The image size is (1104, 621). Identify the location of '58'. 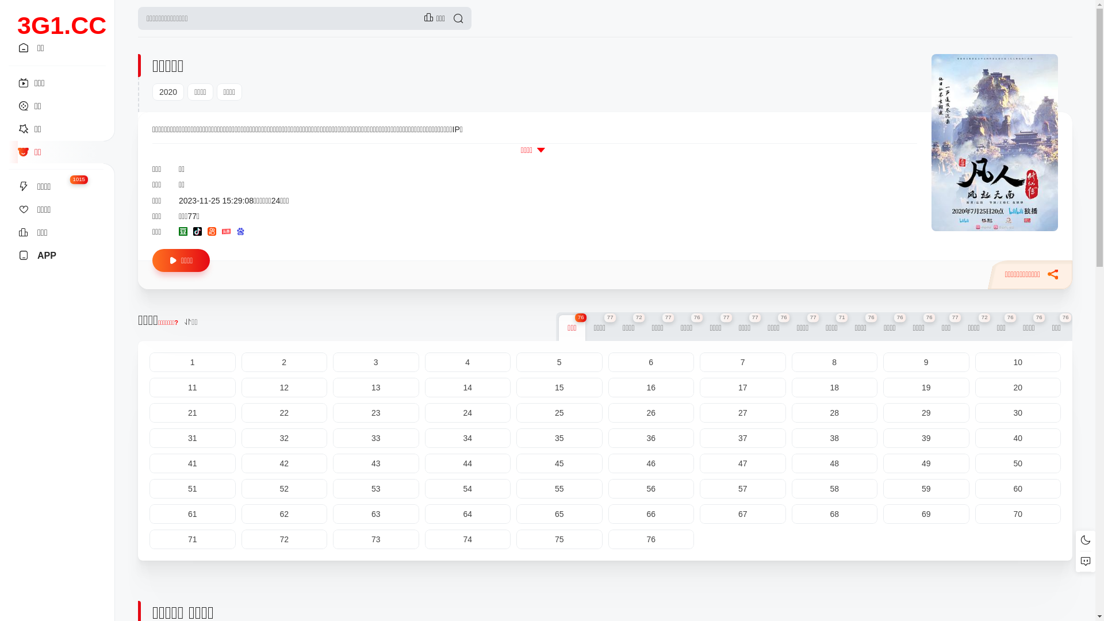
(834, 488).